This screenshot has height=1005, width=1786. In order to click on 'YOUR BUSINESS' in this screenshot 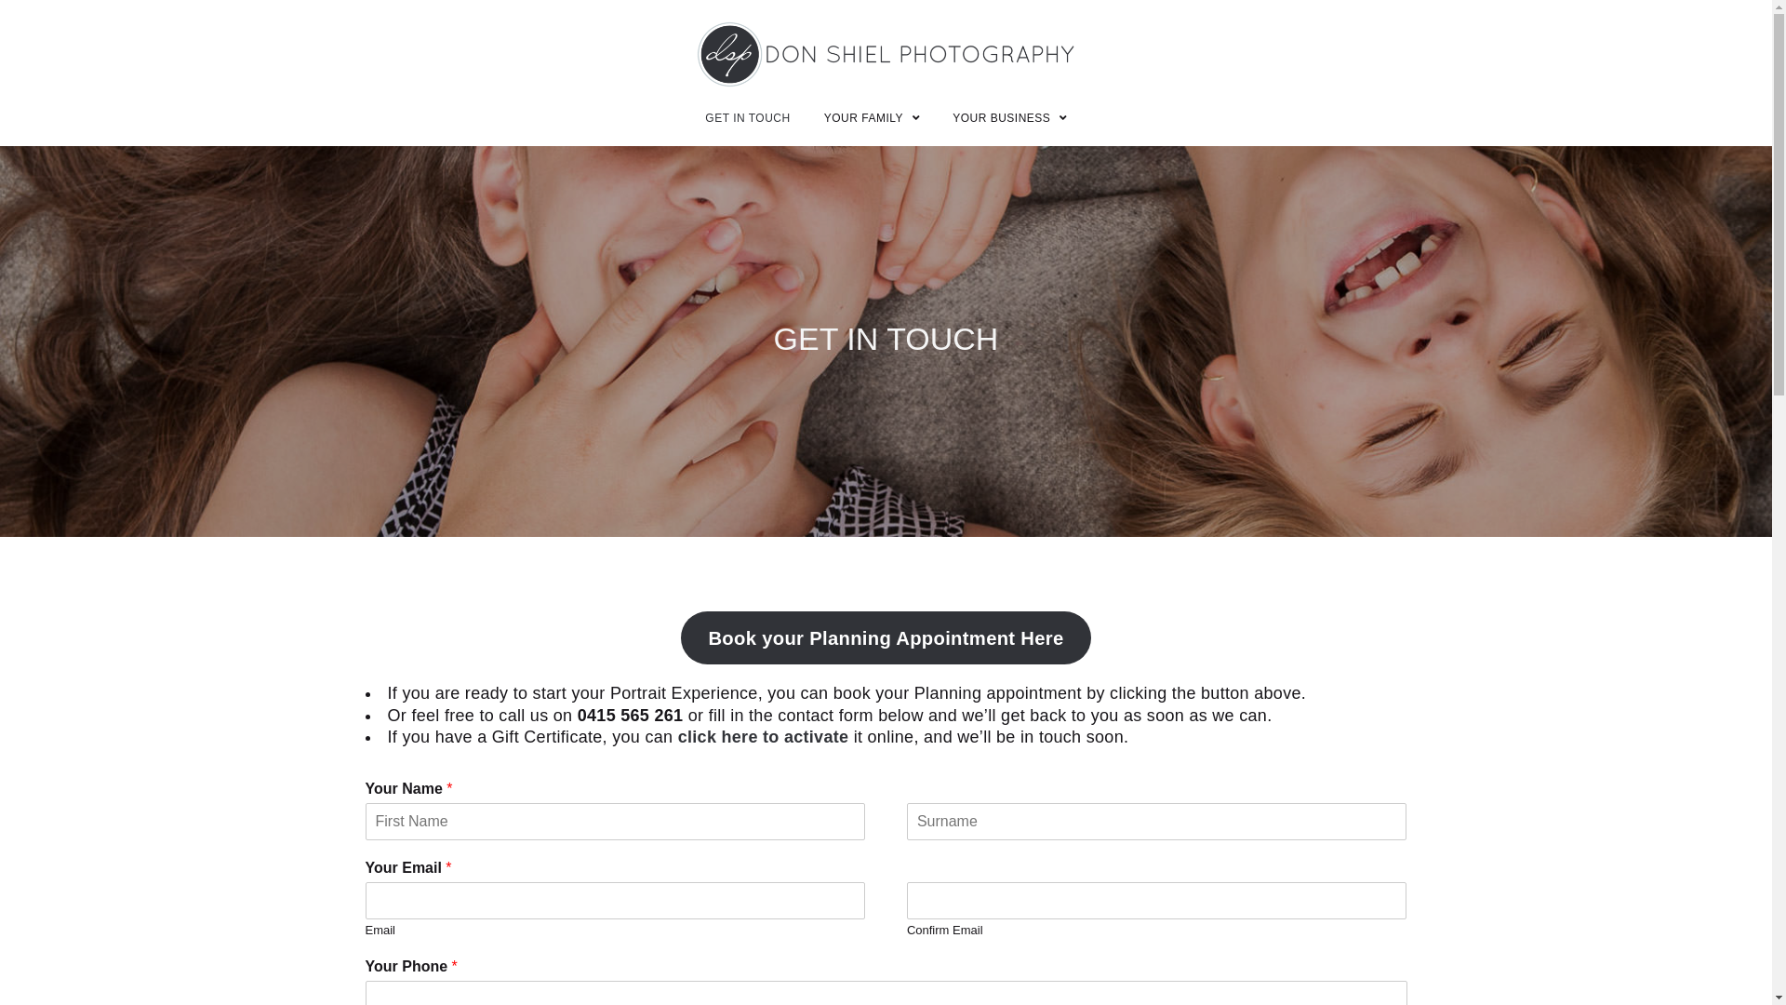, I will do `click(1008, 118)`.